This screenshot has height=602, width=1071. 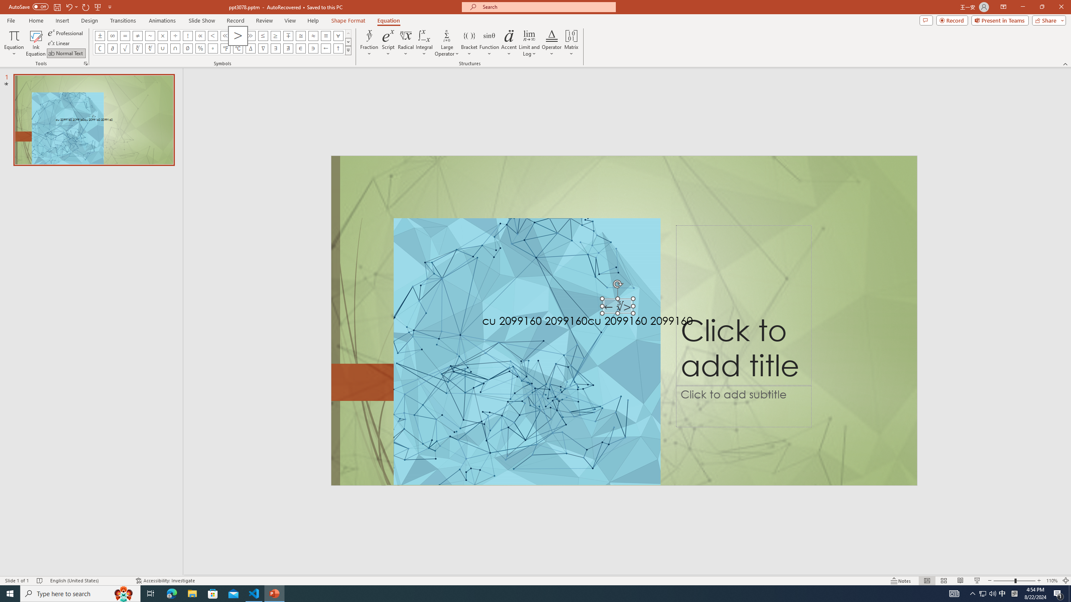 I want to click on 'Equation Symbol Contains as Member', so click(x=313, y=48).